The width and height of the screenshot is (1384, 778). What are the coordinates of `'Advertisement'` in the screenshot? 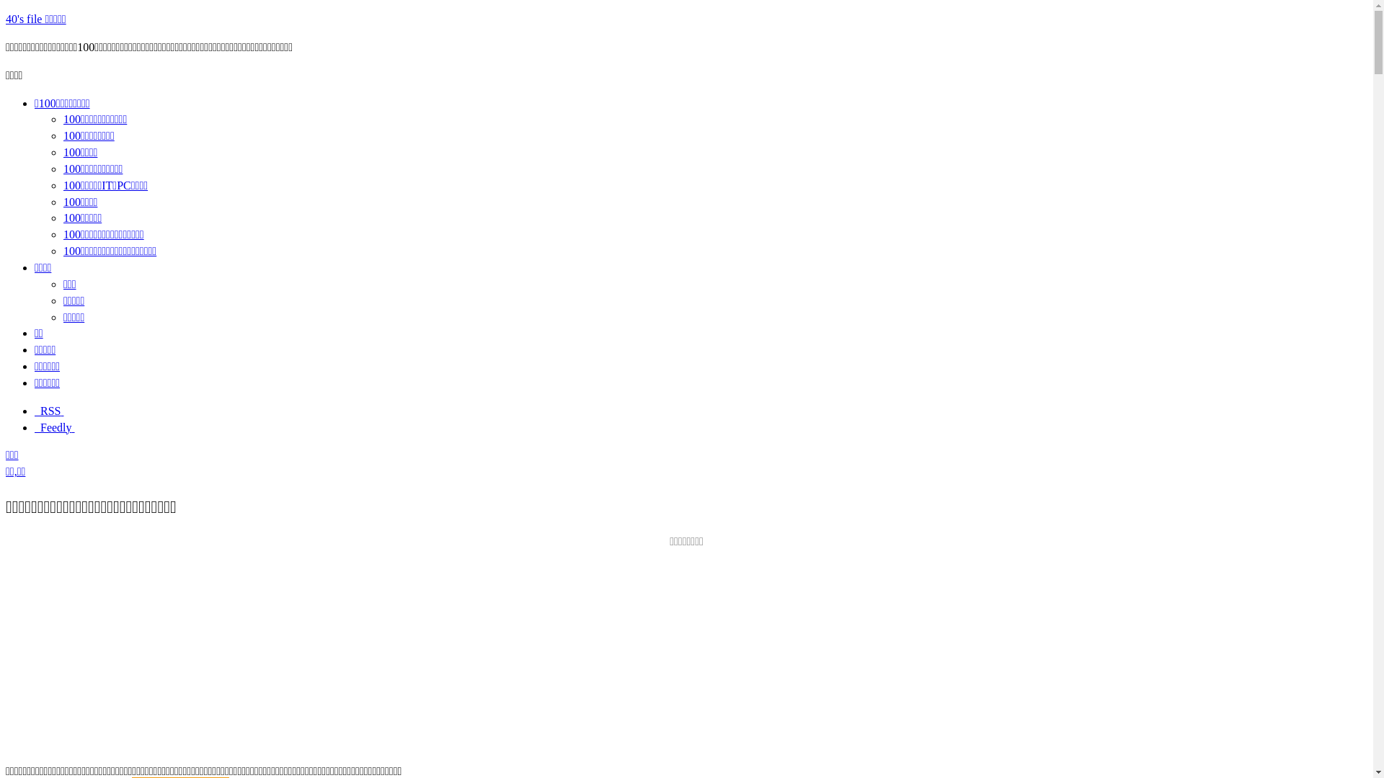 It's located at (685, 650).